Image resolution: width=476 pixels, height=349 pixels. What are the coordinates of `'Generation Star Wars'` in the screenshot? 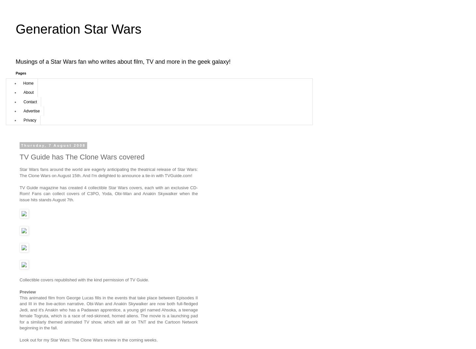 It's located at (78, 28).